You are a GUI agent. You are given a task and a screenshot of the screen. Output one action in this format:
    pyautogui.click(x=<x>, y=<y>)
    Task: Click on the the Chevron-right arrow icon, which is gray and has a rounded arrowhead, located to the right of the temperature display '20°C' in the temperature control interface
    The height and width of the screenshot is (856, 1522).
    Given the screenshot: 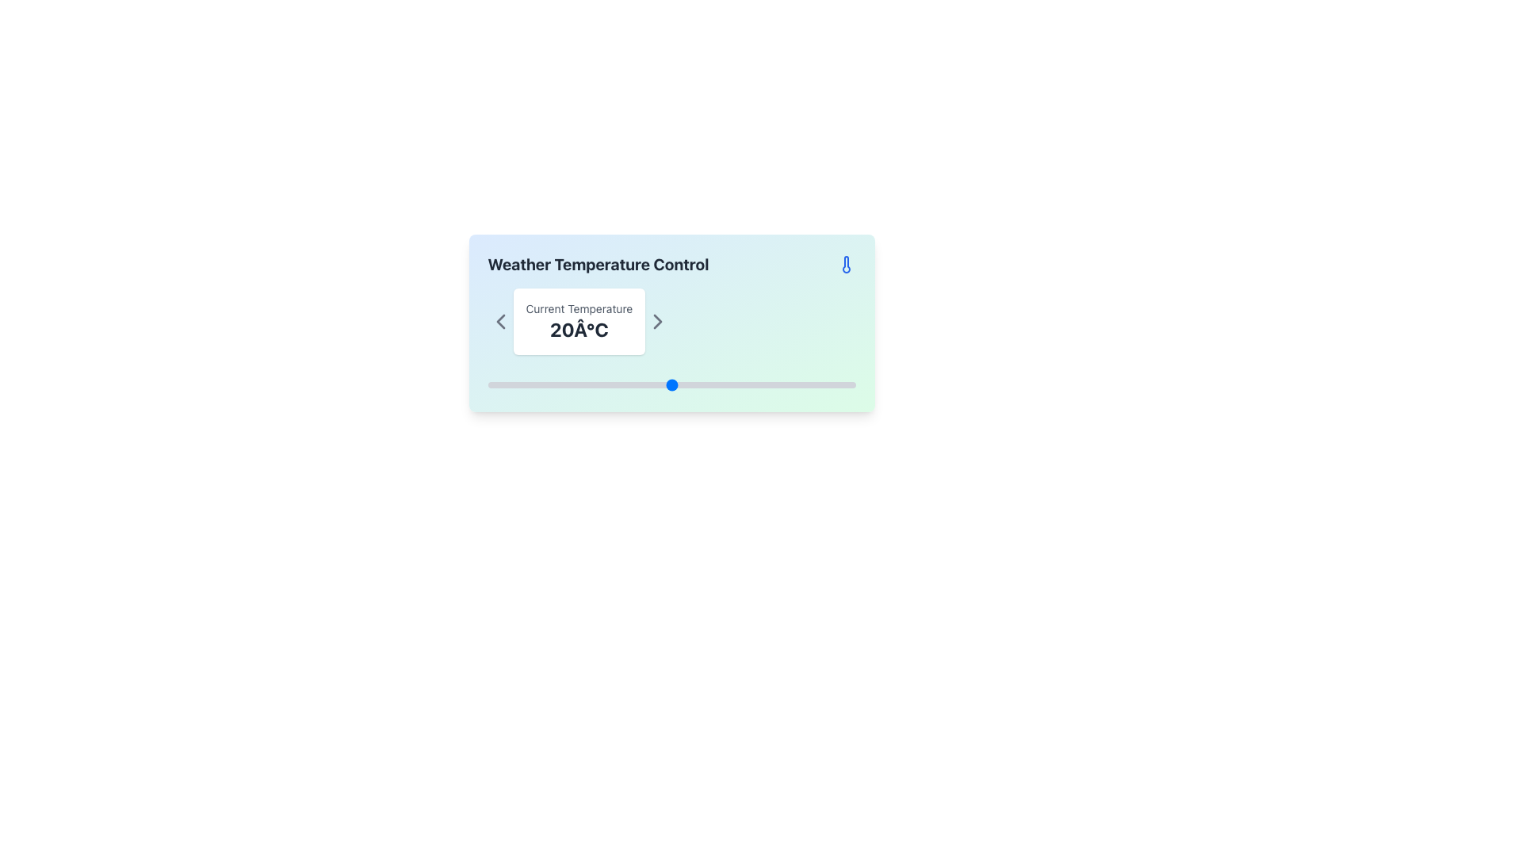 What is the action you would take?
    pyautogui.click(x=658, y=321)
    